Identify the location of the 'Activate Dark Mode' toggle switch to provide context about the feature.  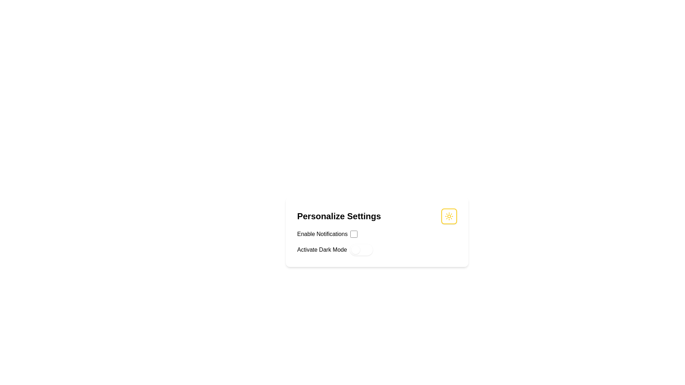
(376, 250).